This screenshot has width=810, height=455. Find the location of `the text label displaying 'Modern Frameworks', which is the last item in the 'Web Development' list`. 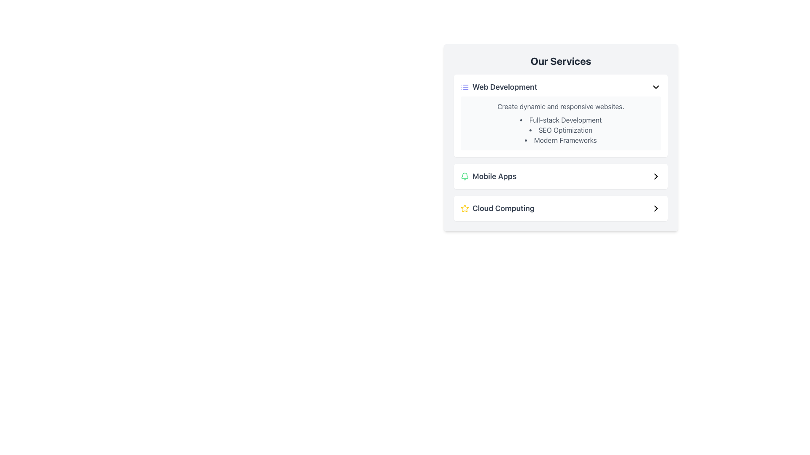

the text label displaying 'Modern Frameworks', which is the last item in the 'Web Development' list is located at coordinates (561, 139).